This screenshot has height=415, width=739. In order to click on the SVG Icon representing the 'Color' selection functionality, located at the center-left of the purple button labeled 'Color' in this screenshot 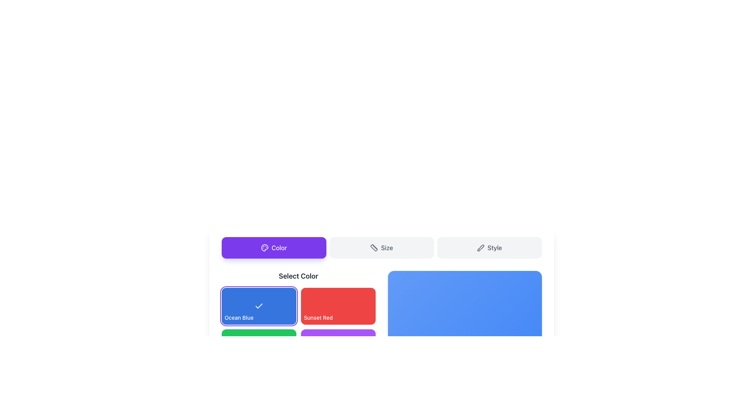, I will do `click(264, 247)`.